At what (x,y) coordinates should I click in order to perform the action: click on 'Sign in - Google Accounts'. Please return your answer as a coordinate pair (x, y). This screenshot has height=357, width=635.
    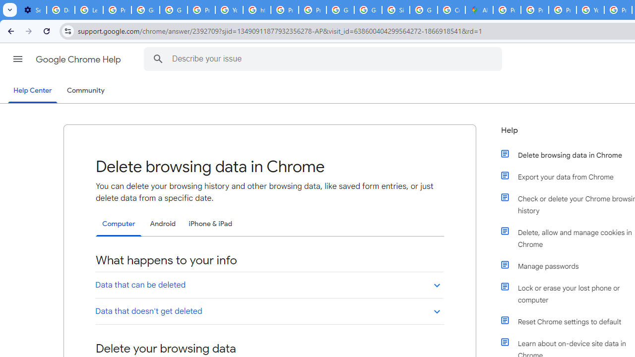
    Looking at the image, I should click on (395, 10).